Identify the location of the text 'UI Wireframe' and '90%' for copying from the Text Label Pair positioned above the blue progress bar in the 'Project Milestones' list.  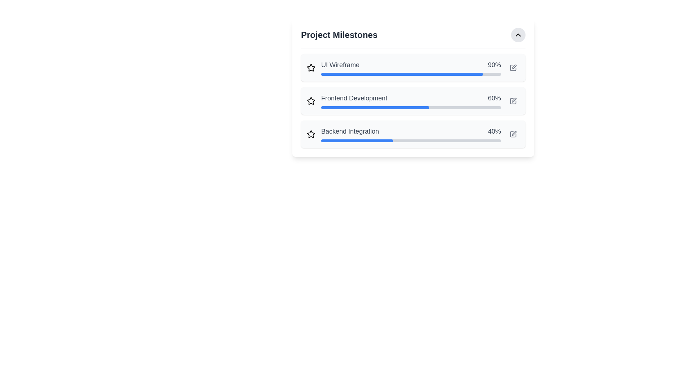
(411, 65).